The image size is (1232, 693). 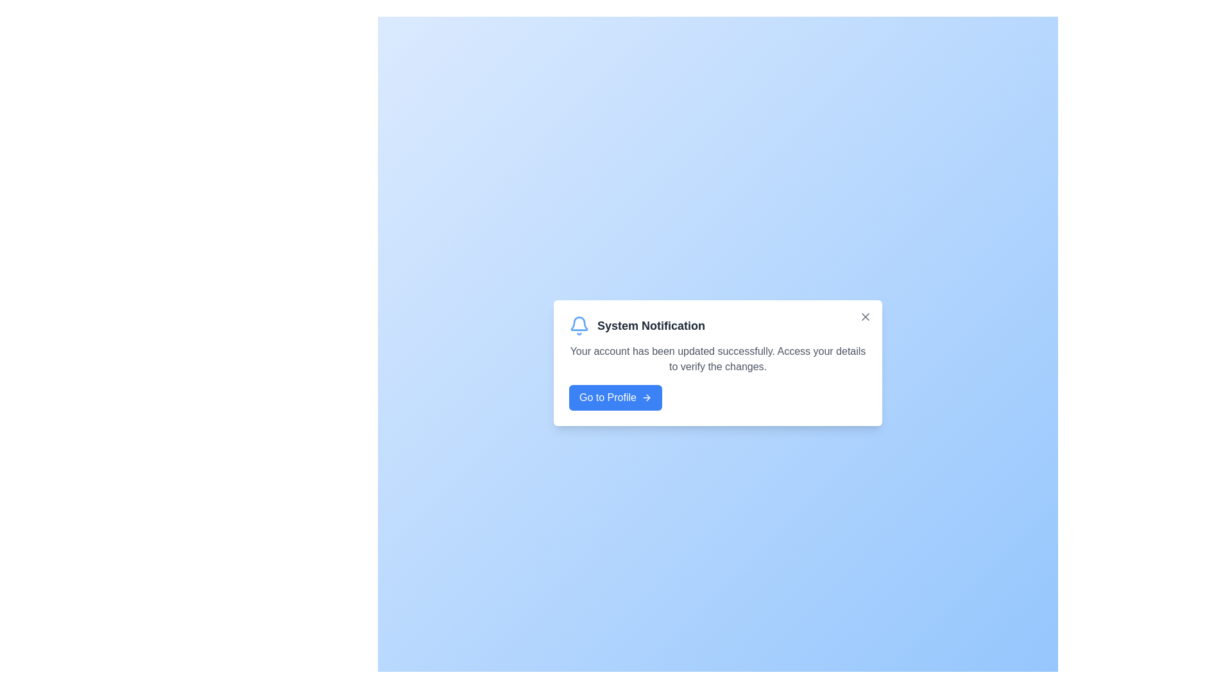 What do you see at coordinates (865, 316) in the screenshot?
I see `close button to dismiss the alert` at bounding box center [865, 316].